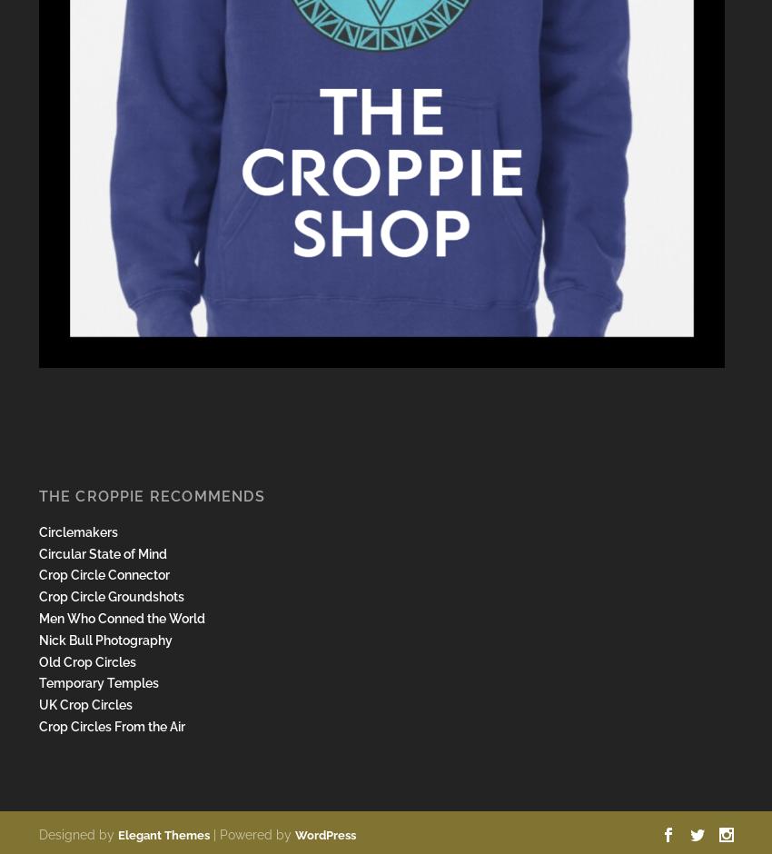 The height and width of the screenshot is (854, 772). Describe the element at coordinates (36, 638) in the screenshot. I see `'Nick Bull Photography'` at that location.